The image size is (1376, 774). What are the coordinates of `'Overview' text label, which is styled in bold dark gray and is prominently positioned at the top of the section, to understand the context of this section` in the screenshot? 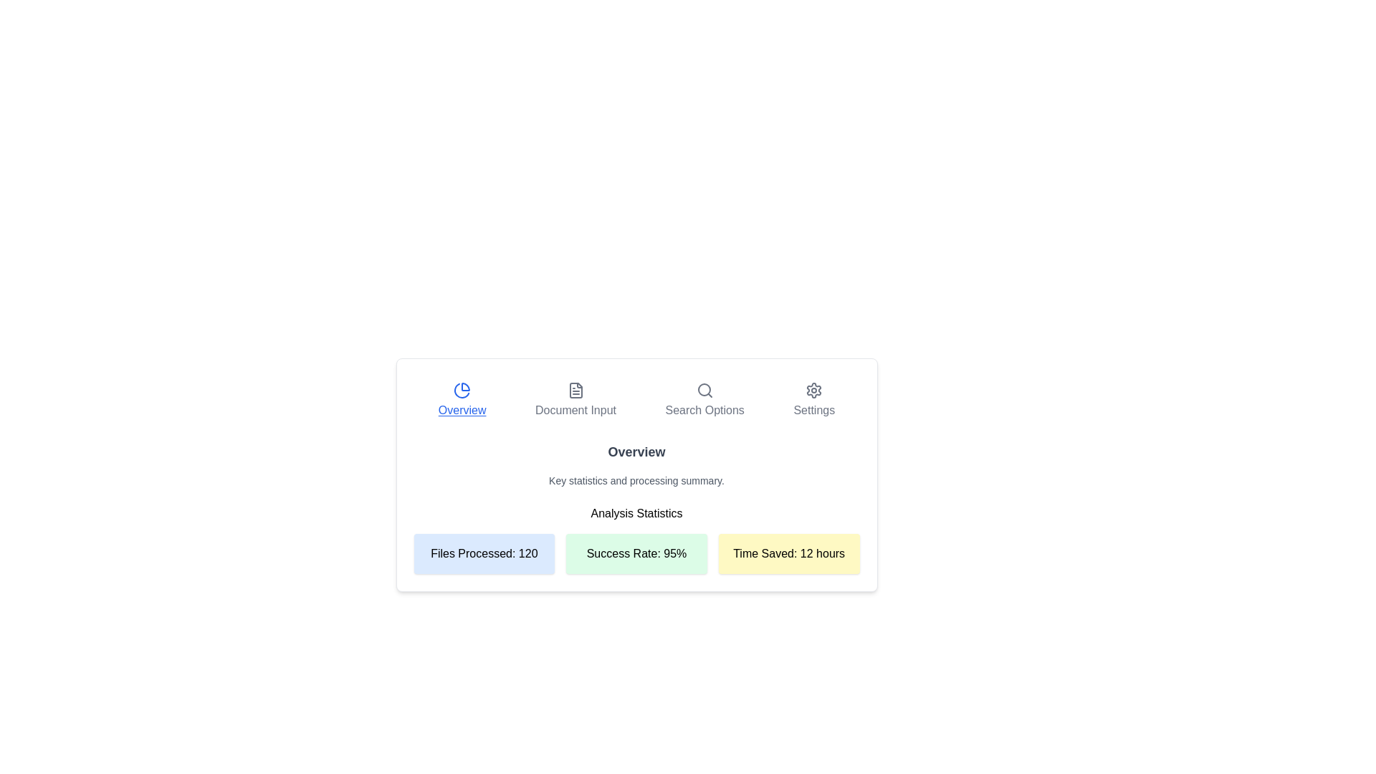 It's located at (636, 452).